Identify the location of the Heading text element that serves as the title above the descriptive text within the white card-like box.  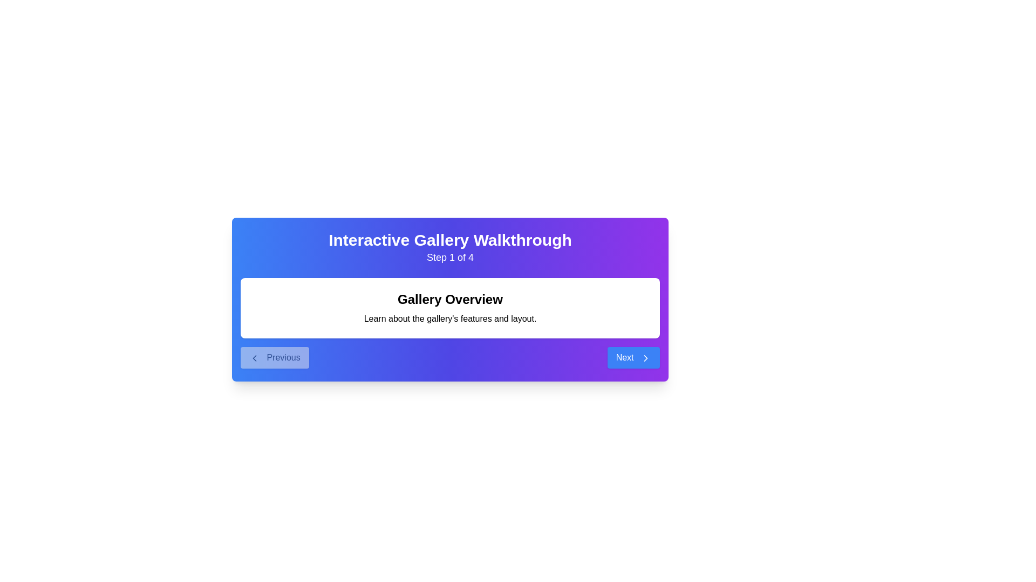
(450, 299).